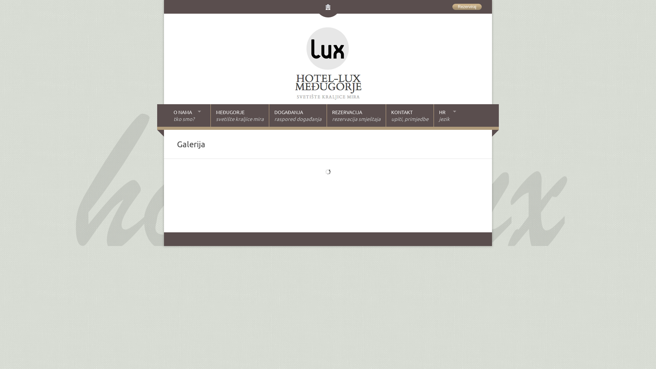  I want to click on 'DSC-104', so click(341, 173).